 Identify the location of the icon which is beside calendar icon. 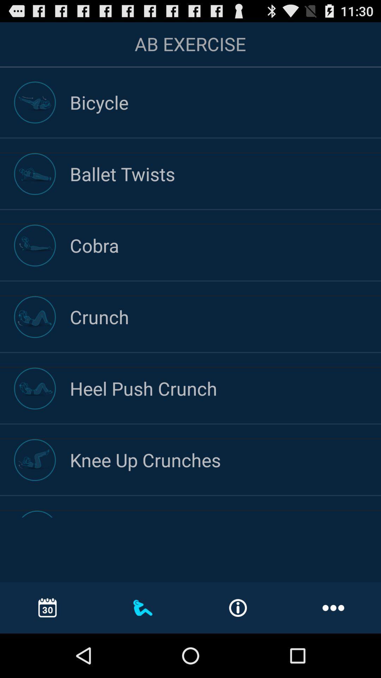
(143, 607).